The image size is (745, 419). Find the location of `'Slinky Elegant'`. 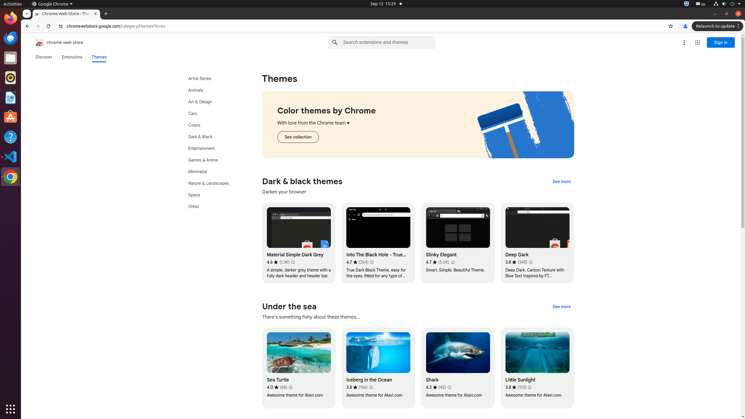

'Slinky Elegant' is located at coordinates (458, 243).